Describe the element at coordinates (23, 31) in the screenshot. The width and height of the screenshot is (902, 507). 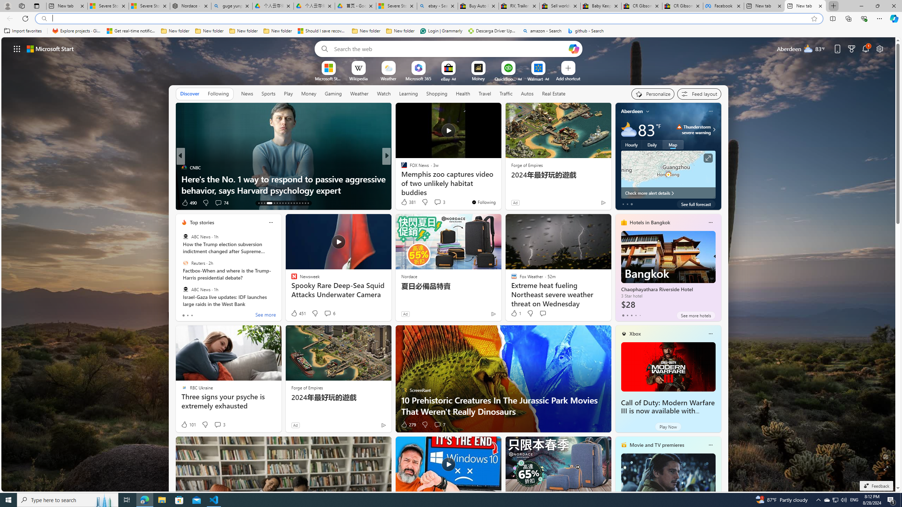
I see `'Import favorites'` at that location.